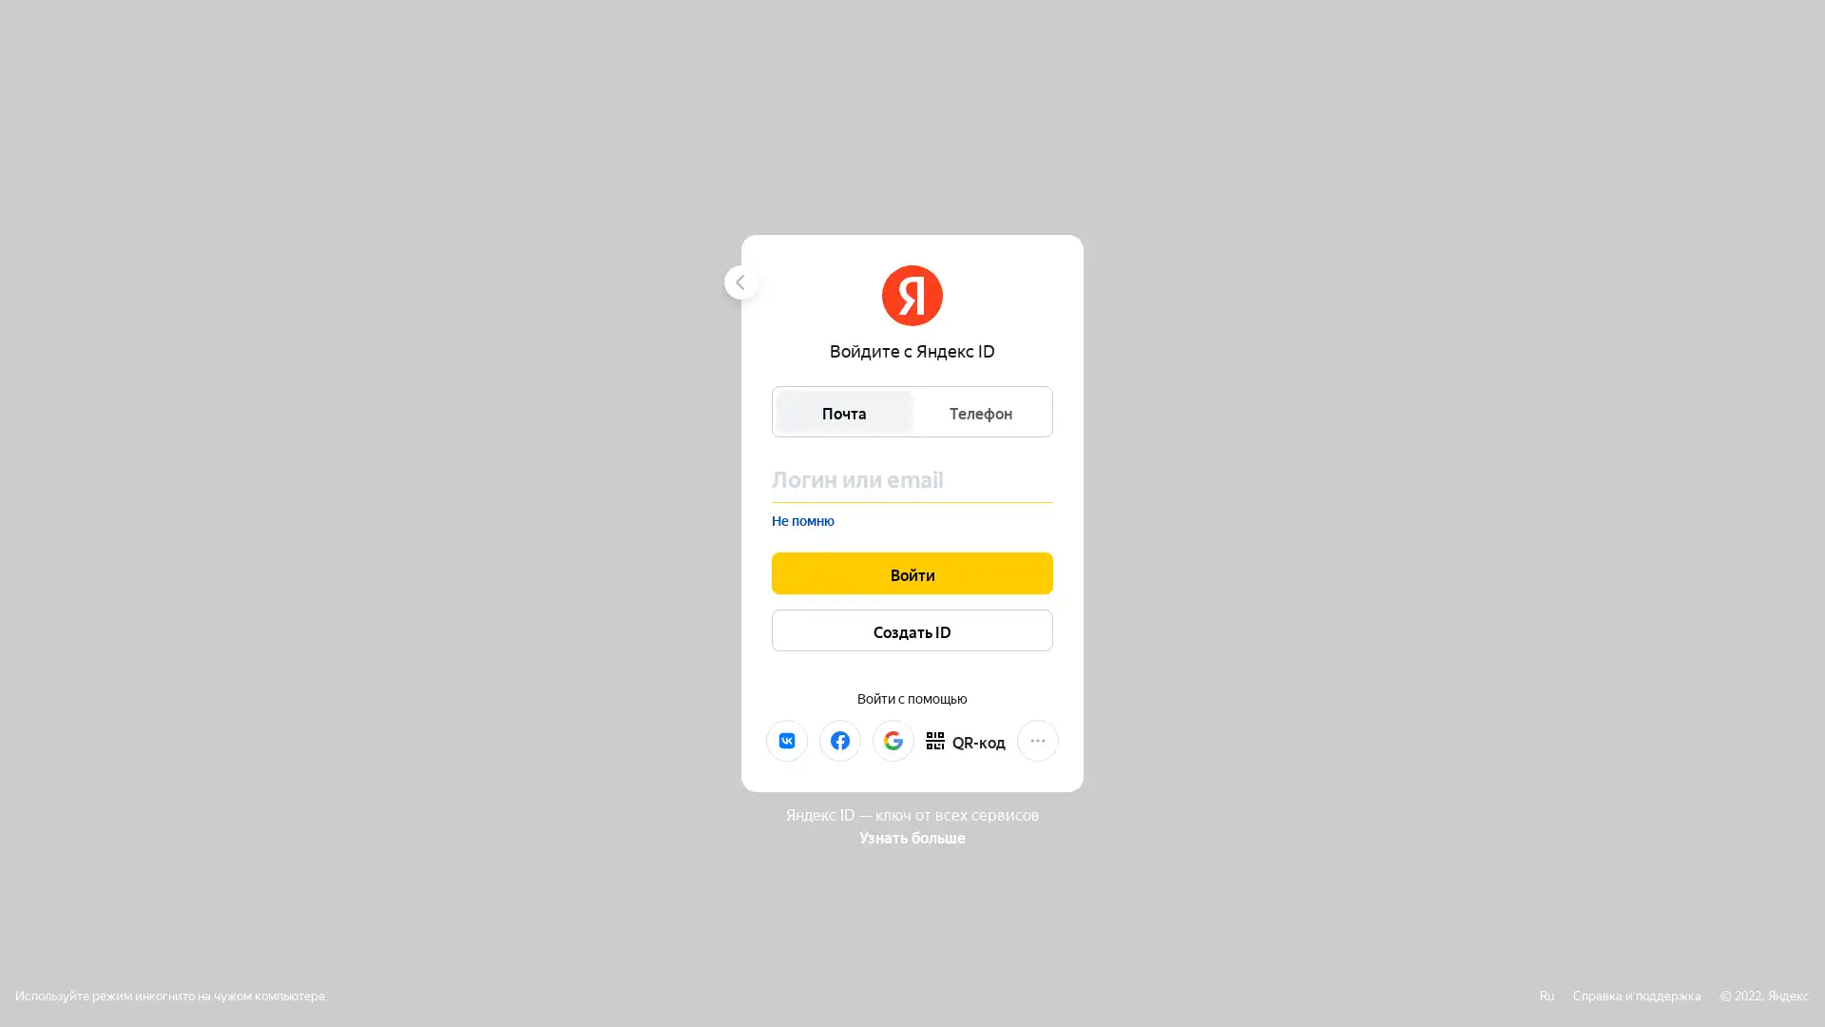 The image size is (1825, 1027). I want to click on Facebook, so click(838, 739).